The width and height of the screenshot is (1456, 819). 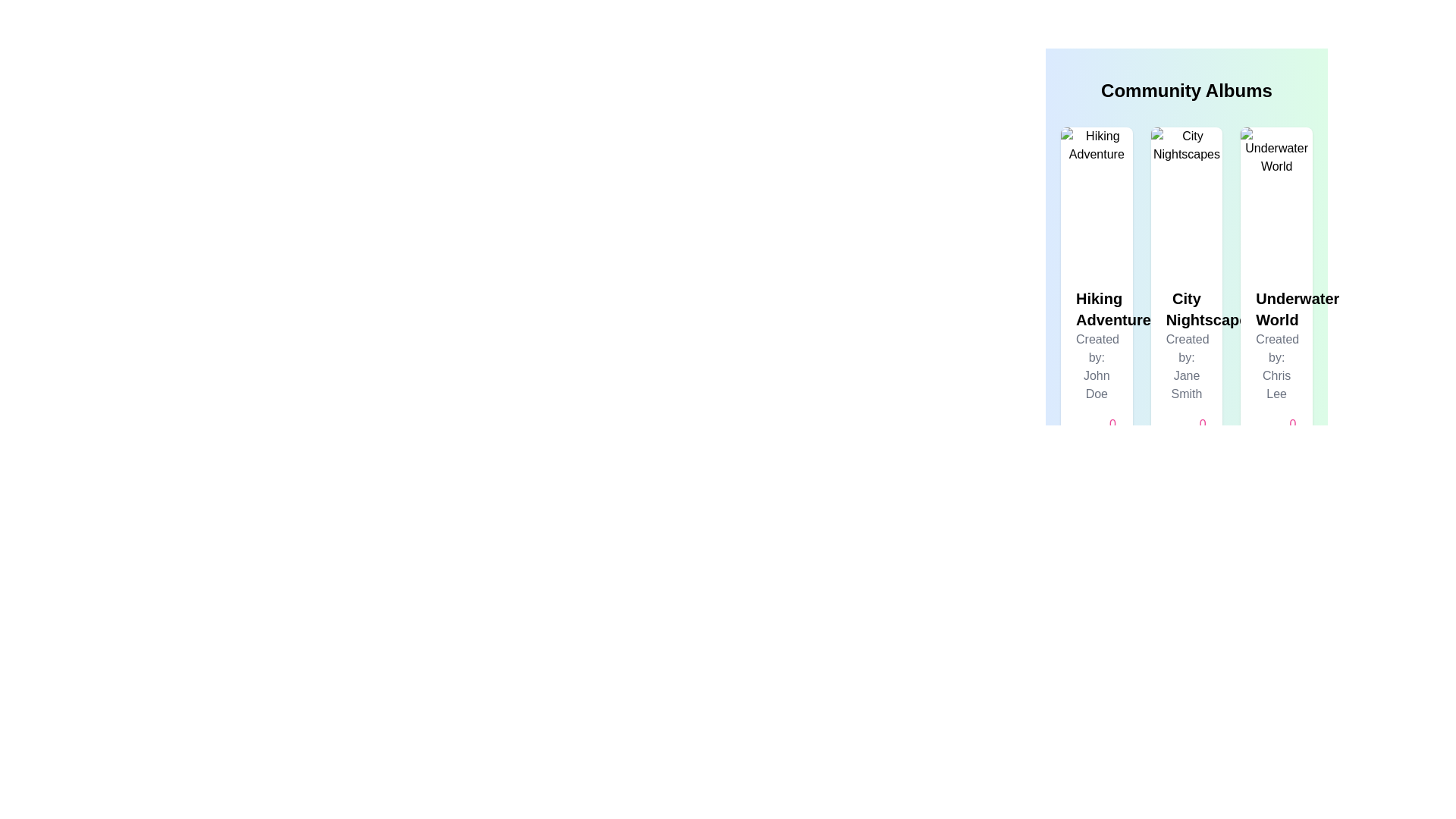 What do you see at coordinates (1185, 370) in the screenshot?
I see `text content of the styled text block titled 'City Nightscapes', which includes the description 'Created by: Jane Smith' below it, located centrally in the second column under 'Community Albums'` at bounding box center [1185, 370].